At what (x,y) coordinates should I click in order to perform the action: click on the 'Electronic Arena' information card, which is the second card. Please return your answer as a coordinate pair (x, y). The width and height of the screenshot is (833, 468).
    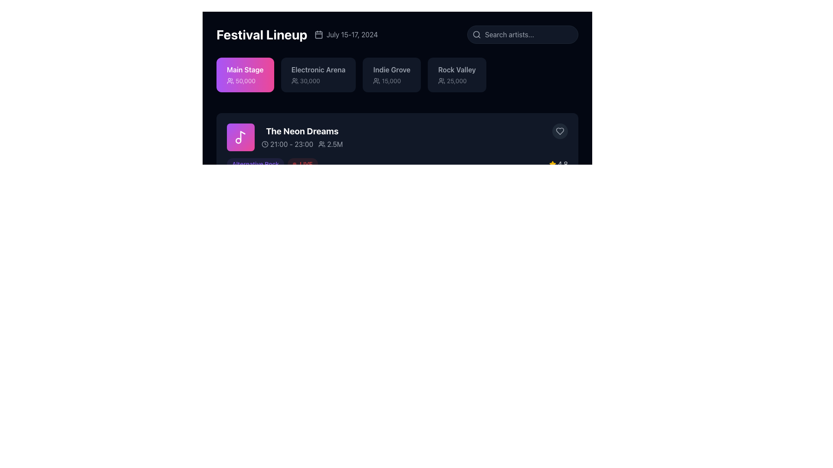
    Looking at the image, I should click on (318, 75).